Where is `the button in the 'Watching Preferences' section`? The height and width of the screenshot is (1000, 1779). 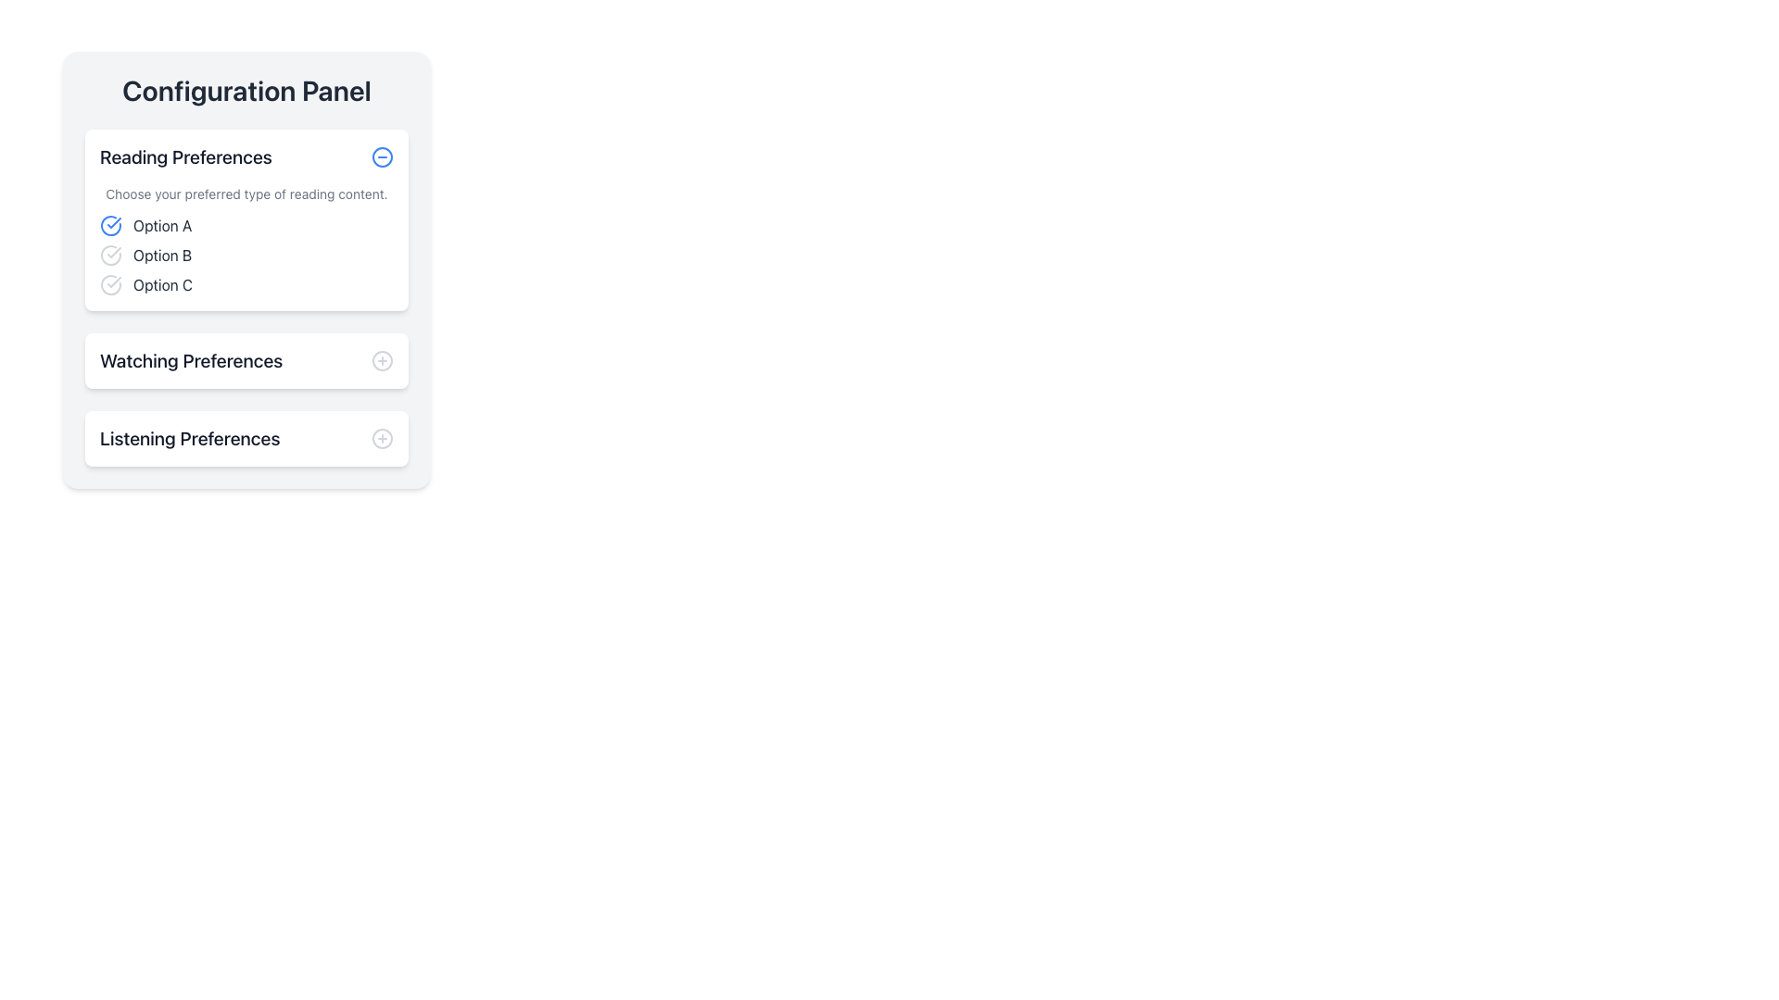
the button in the 'Watching Preferences' section is located at coordinates (381, 360).